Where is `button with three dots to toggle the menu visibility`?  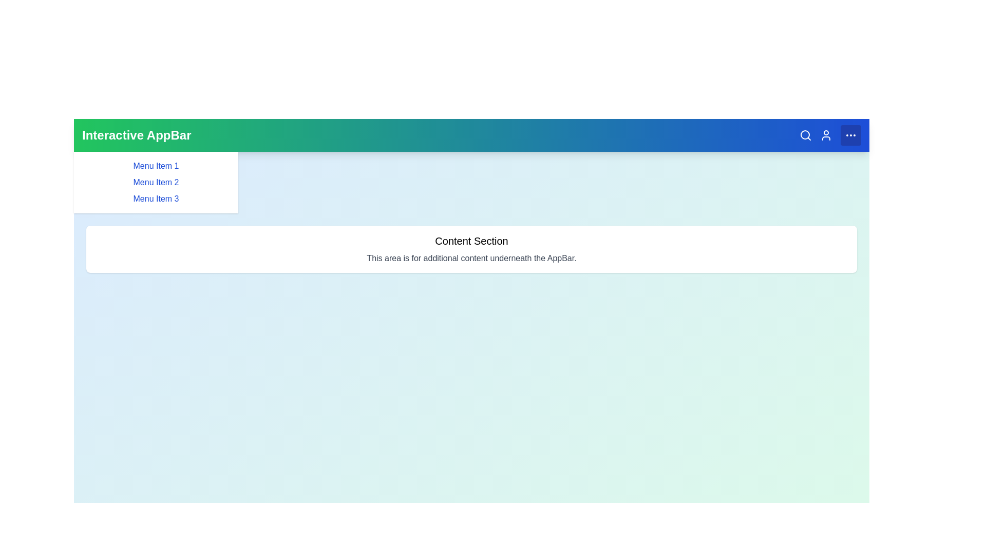 button with three dots to toggle the menu visibility is located at coordinates (850, 134).